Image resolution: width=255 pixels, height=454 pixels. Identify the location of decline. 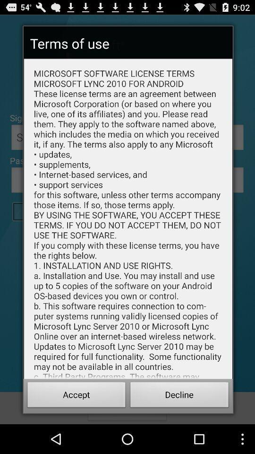
(179, 396).